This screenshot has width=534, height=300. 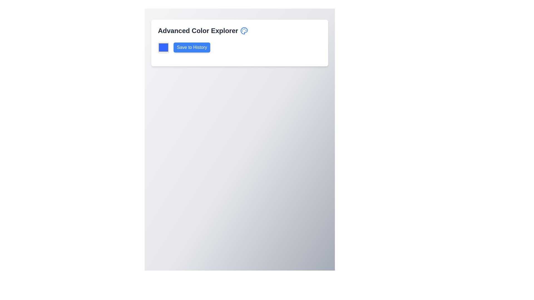 What do you see at coordinates (192, 47) in the screenshot?
I see `the save button located to the immediate right of a blue square element in the top-left region of the interface` at bounding box center [192, 47].